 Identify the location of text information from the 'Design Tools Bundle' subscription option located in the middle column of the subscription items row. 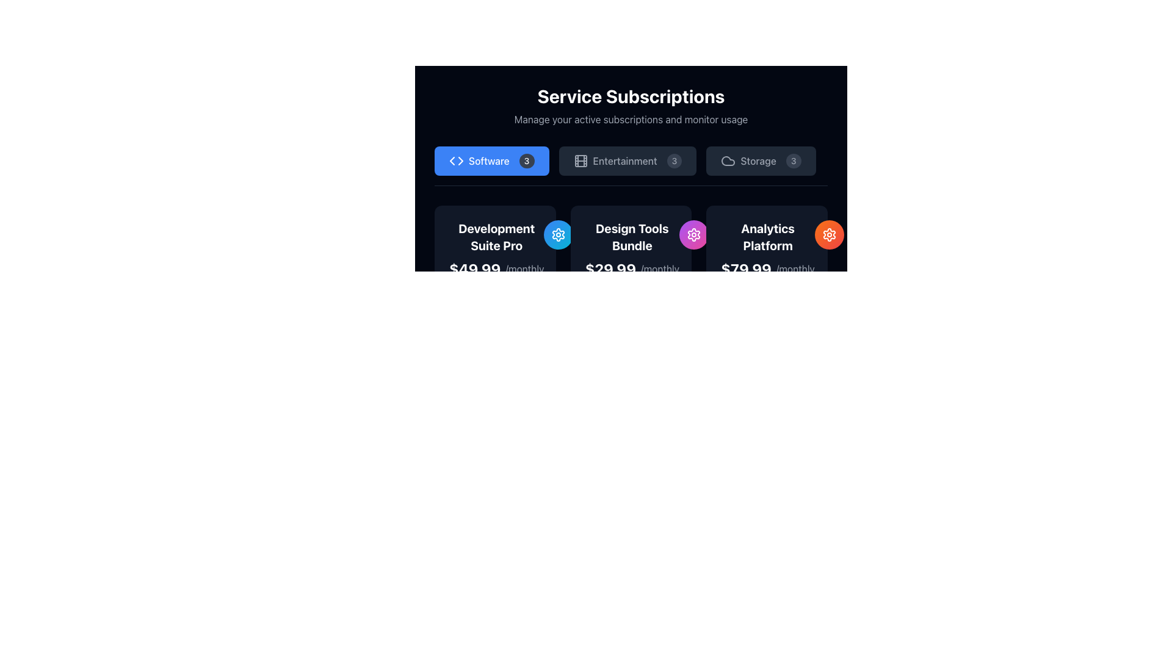
(632, 248).